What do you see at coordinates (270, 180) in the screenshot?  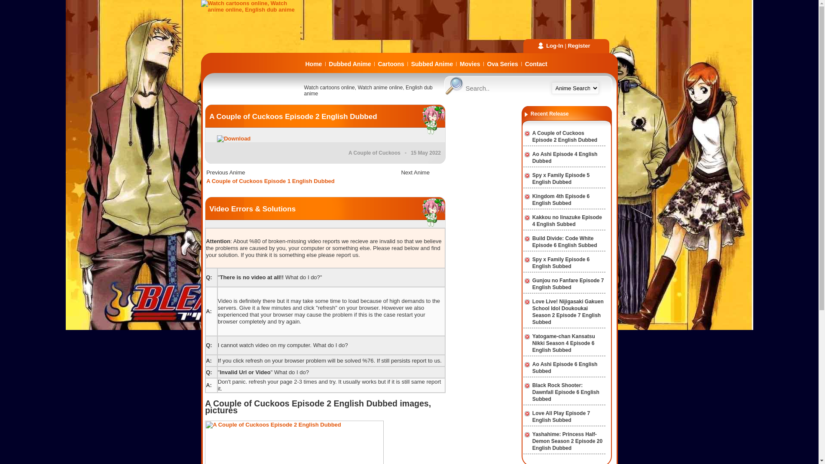 I see `'A Couple of Cuckoos Episode 1 English Dubbed'` at bounding box center [270, 180].